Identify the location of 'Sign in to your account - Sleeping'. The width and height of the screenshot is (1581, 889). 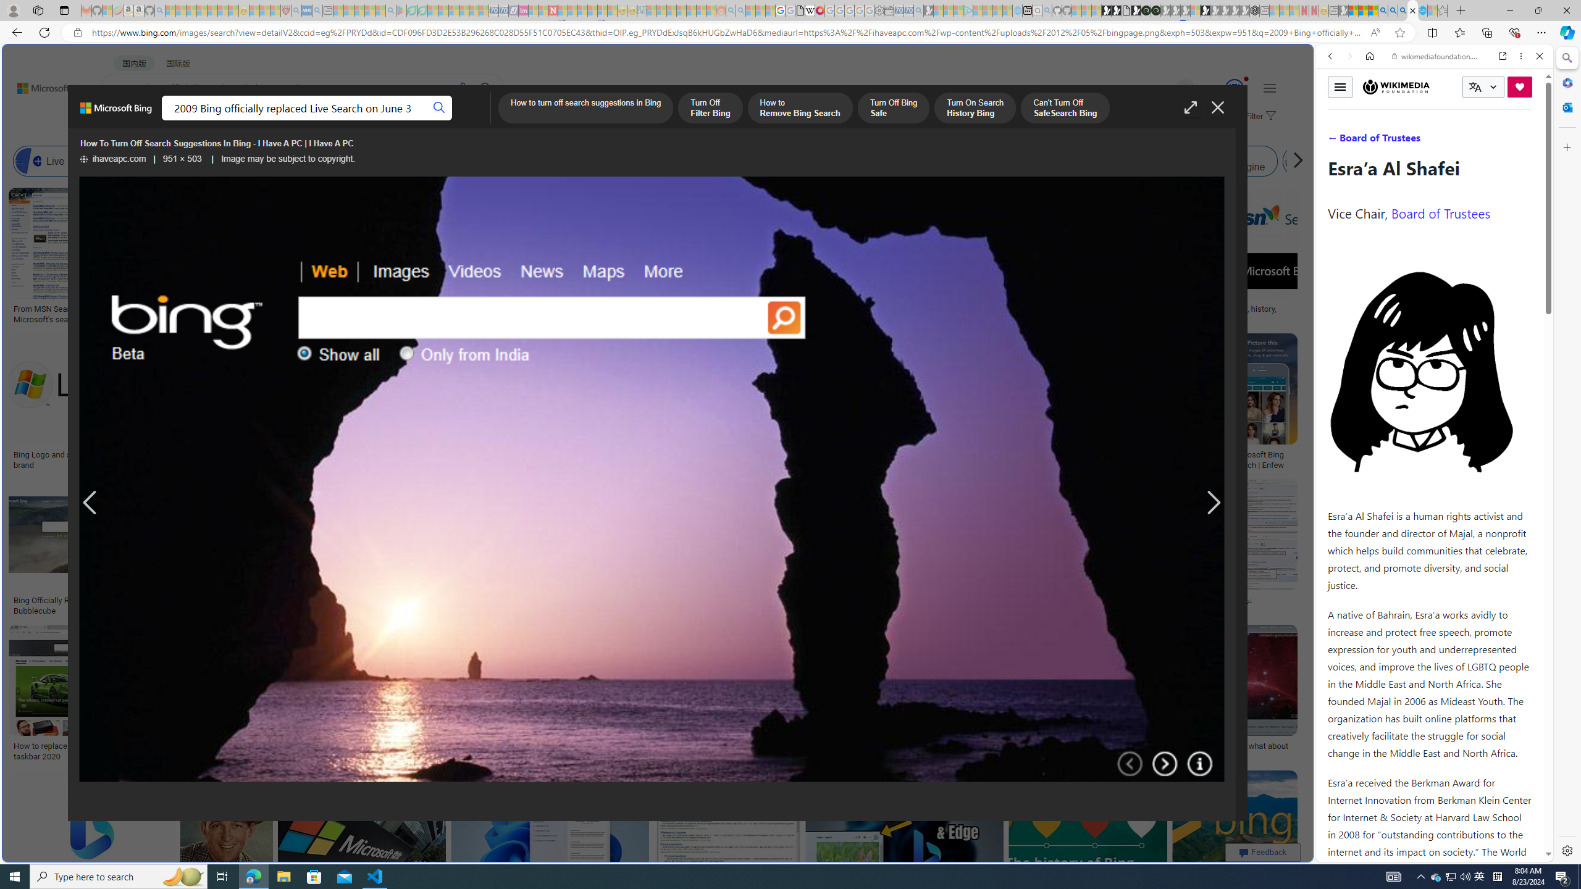
(1195, 10).